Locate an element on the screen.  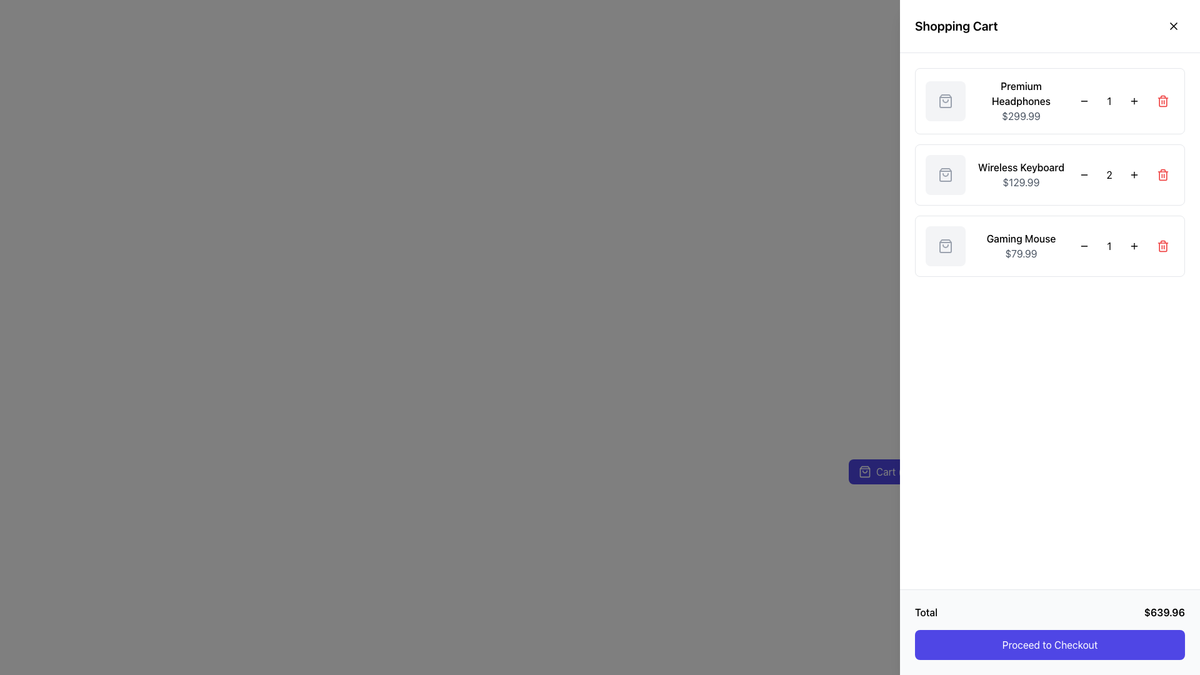
the static text label indicating the total monetary amount, located to the left of the '$639.96' text in the lower section of the sidebar interface is located at coordinates (926, 611).